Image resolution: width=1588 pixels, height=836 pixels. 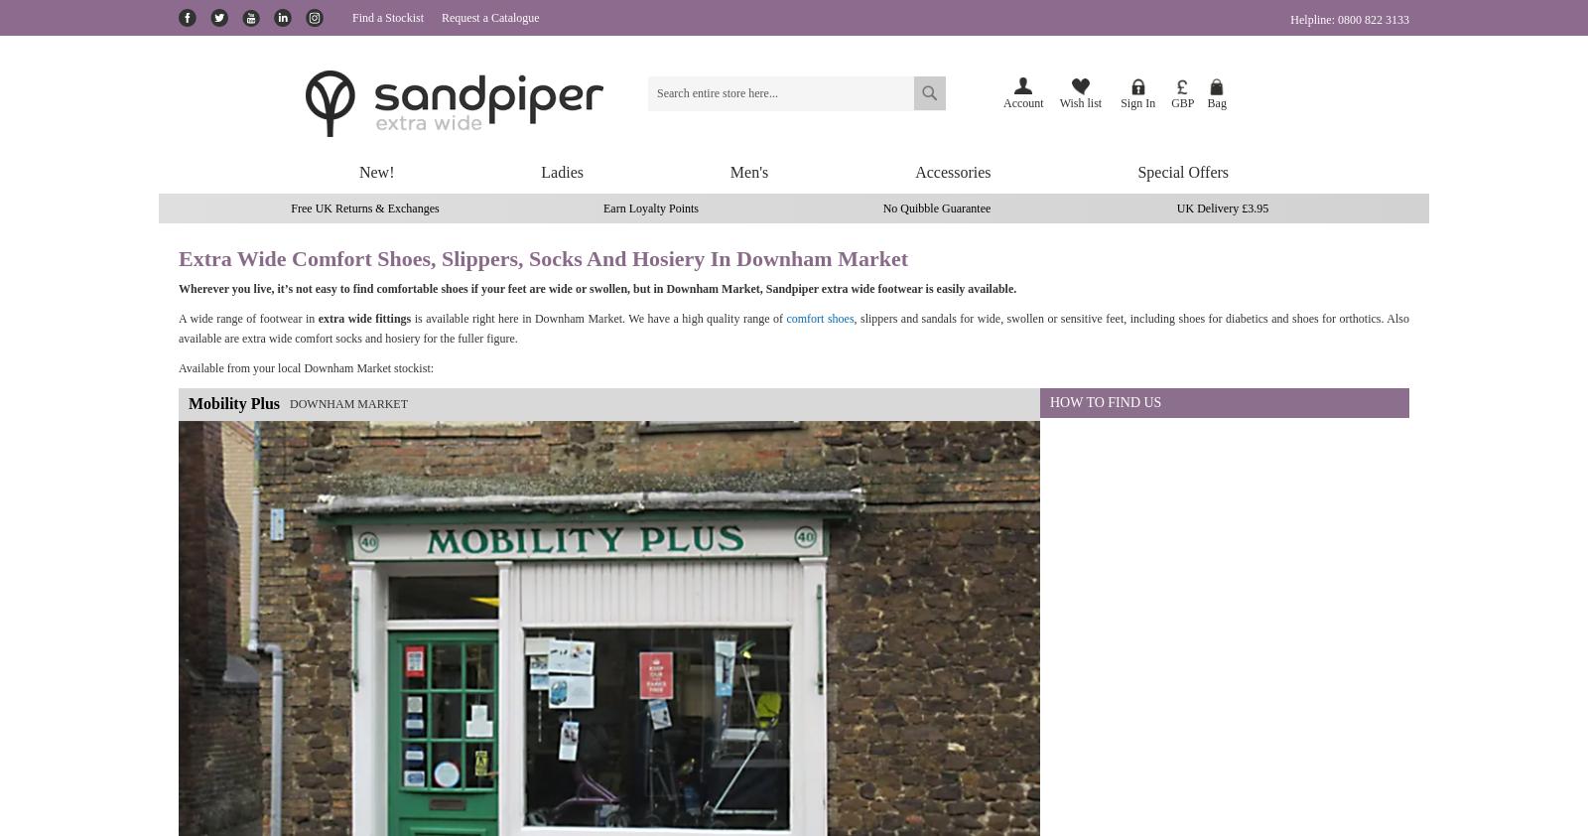 What do you see at coordinates (1221, 207) in the screenshot?
I see `'UK Delivery £3.95'` at bounding box center [1221, 207].